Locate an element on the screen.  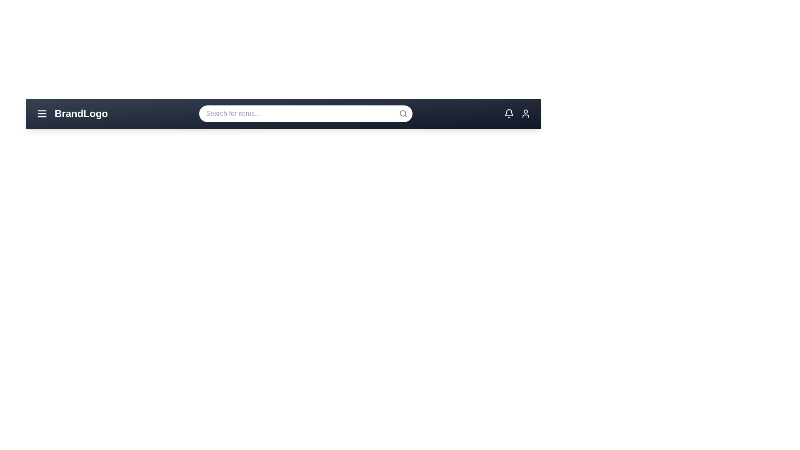
the search icon to initiate a search is located at coordinates (403, 114).